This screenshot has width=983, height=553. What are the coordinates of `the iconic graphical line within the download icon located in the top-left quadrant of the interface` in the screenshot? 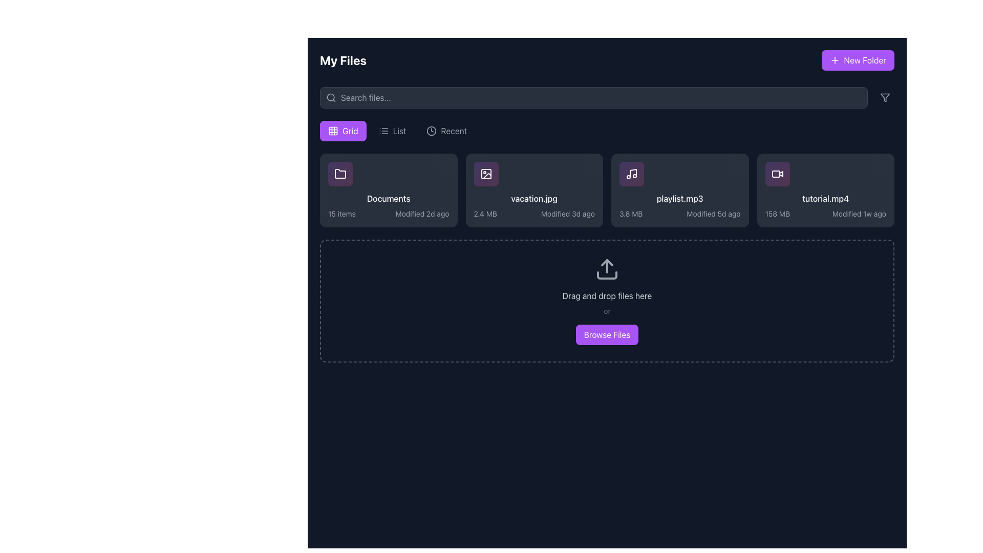 It's located at (364, 193).